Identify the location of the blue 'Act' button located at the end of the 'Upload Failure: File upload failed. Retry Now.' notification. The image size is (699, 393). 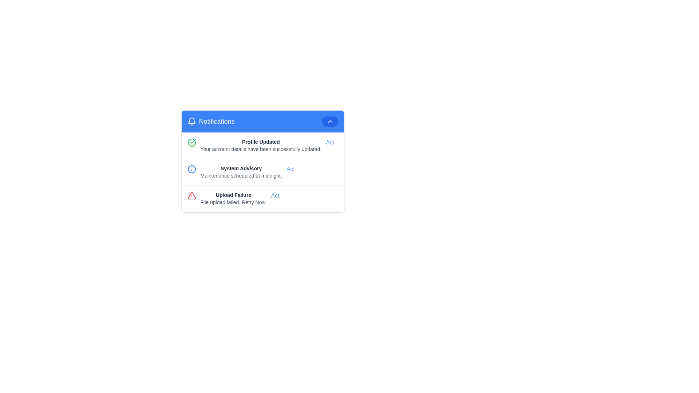
(275, 195).